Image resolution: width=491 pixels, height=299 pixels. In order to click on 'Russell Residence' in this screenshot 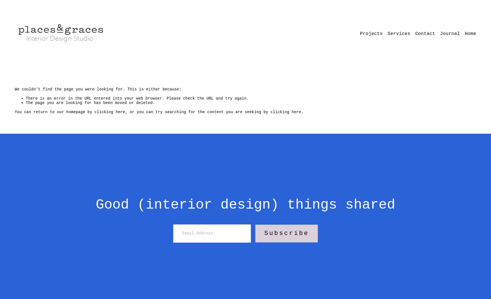, I will do `click(358, 49)`.